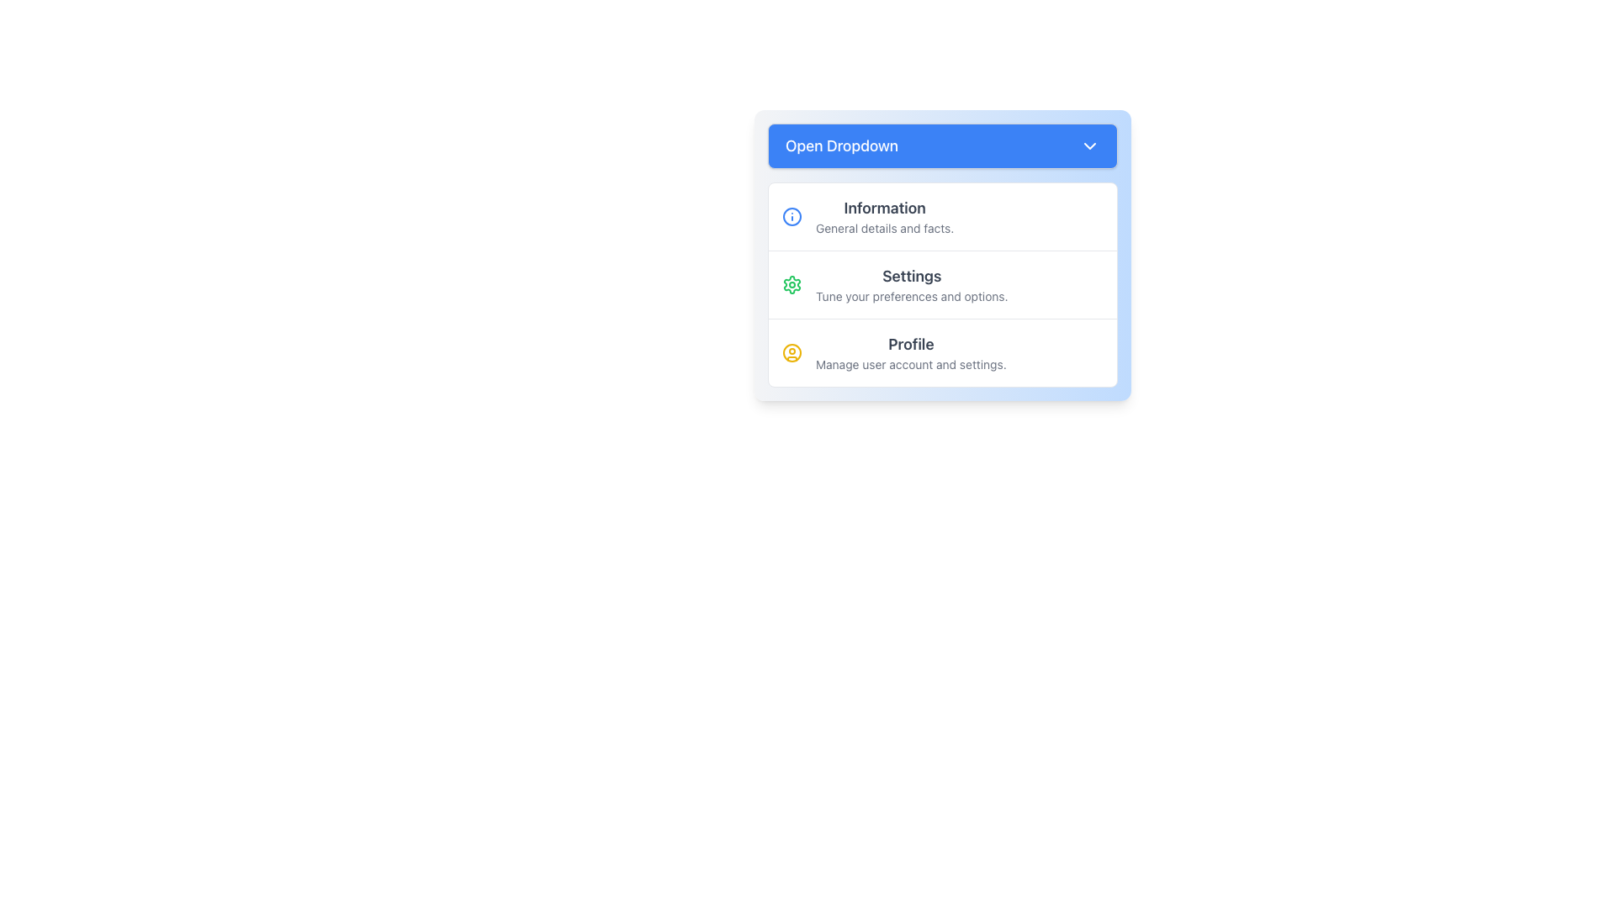  What do you see at coordinates (791, 216) in the screenshot?
I see `the information icon located at the far left of the first row in the dropdown menu for more details or actions` at bounding box center [791, 216].